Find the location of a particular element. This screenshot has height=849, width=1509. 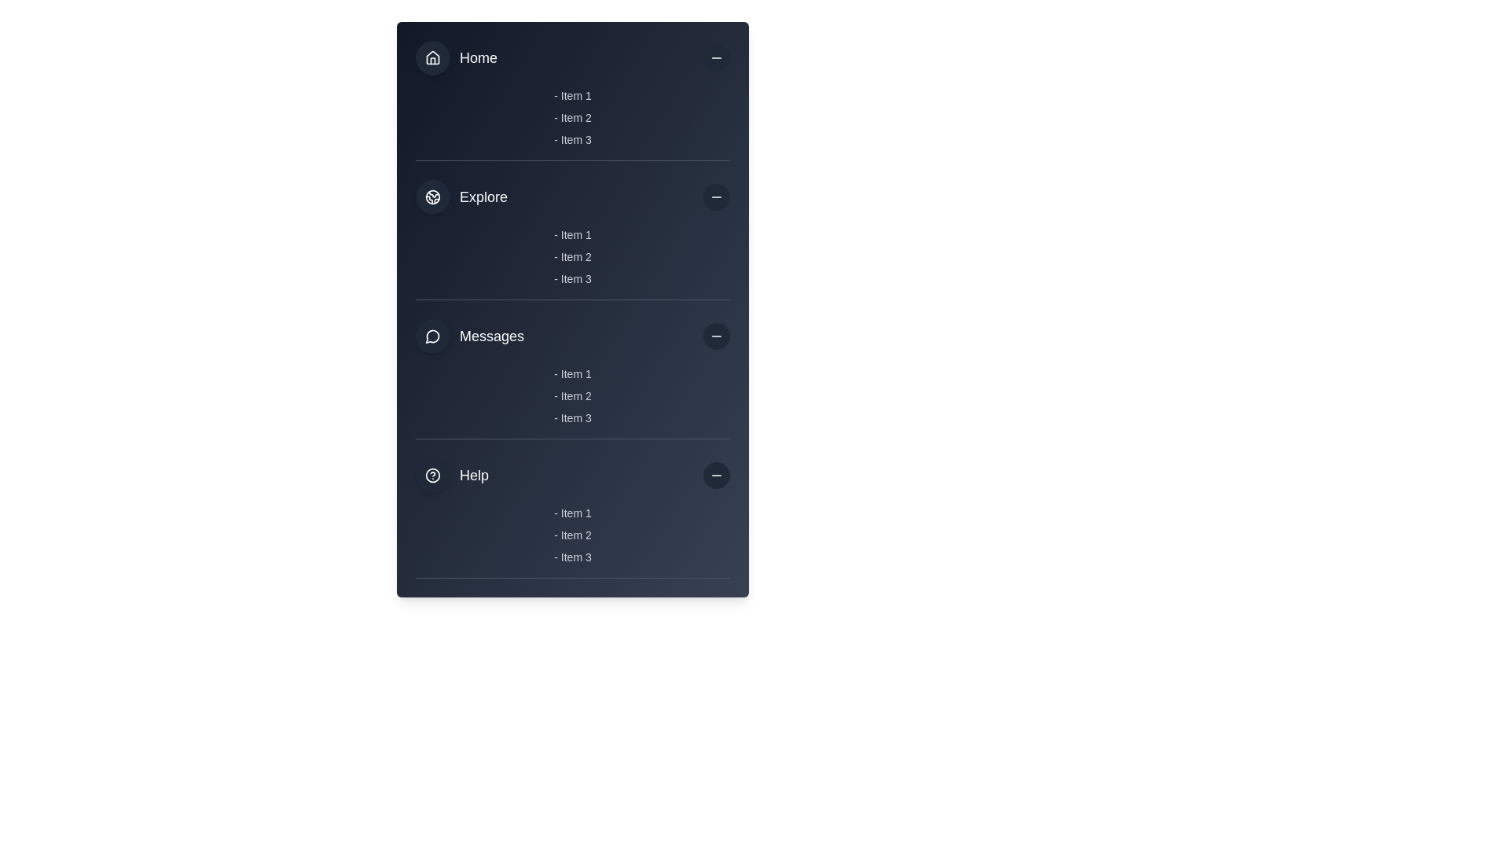

the circular Icon Button with a gray background and white border, which features a speech bubble icon, located in the vertical navigation bar under the 'Messages' label is located at coordinates (433, 336).